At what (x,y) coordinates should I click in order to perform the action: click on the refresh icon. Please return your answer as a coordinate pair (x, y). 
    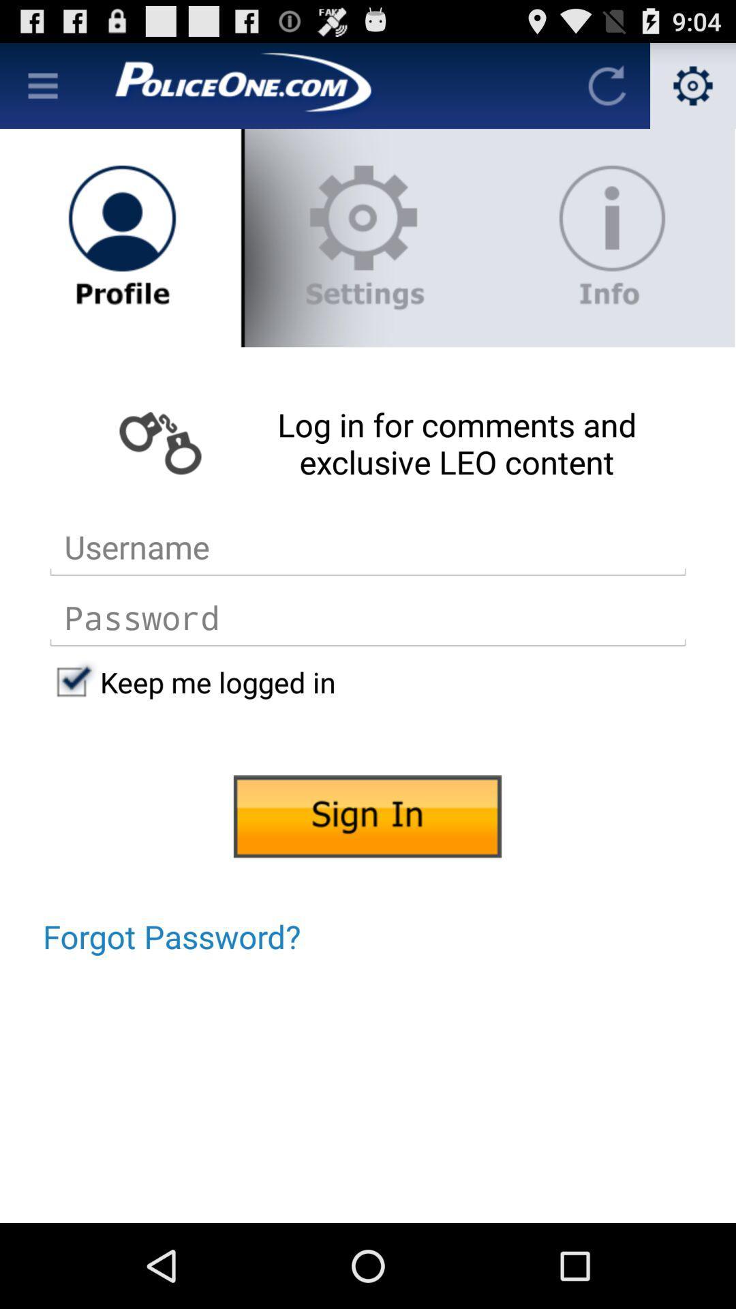
    Looking at the image, I should click on (607, 91).